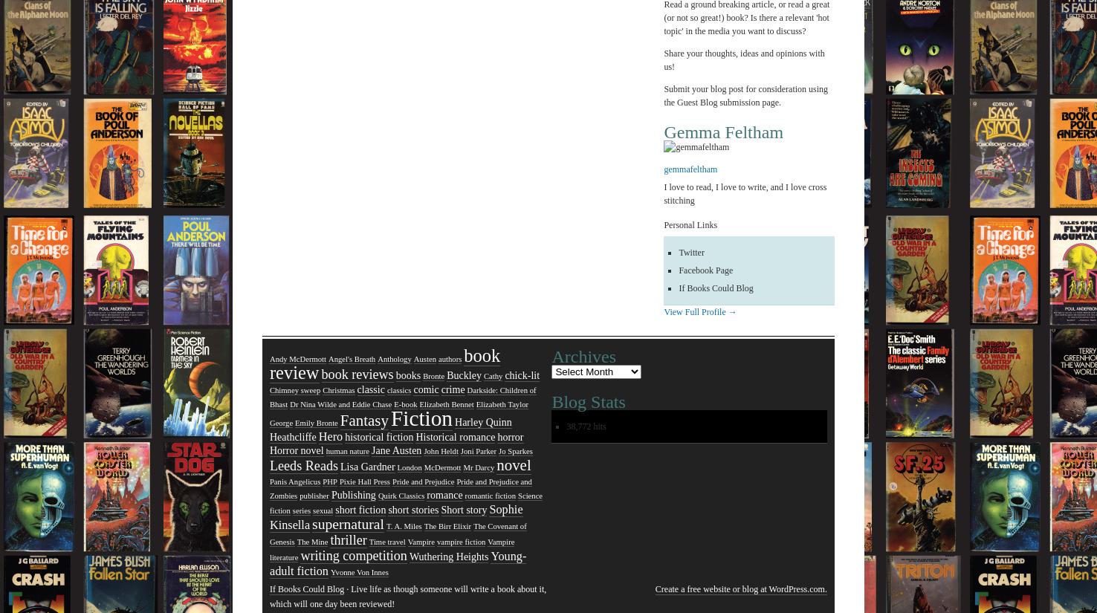 Image resolution: width=1097 pixels, height=613 pixels. I want to click on 'London', so click(408, 467).